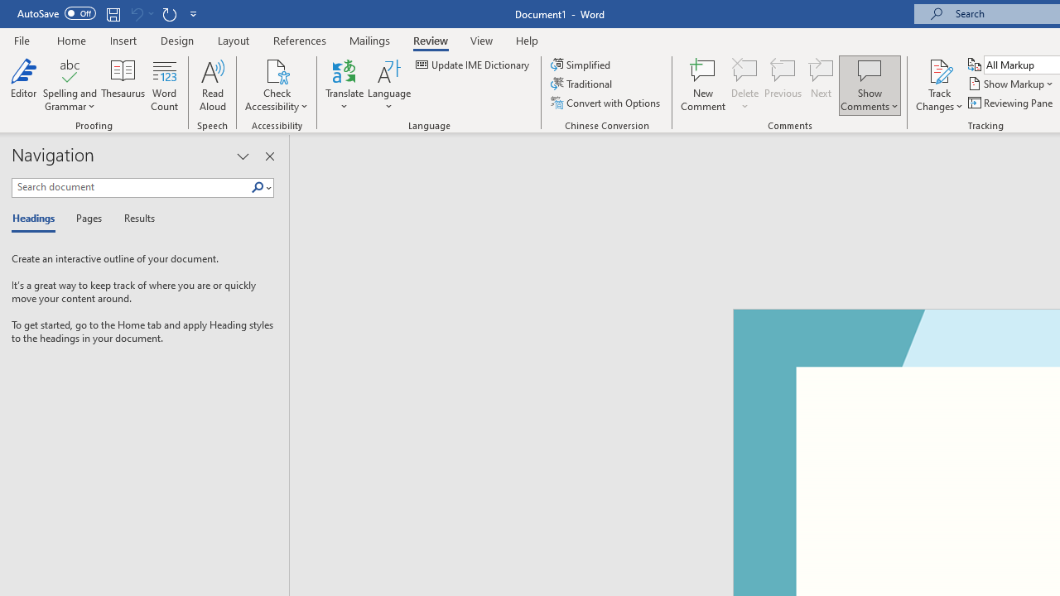 Image resolution: width=1060 pixels, height=596 pixels. What do you see at coordinates (581, 64) in the screenshot?
I see `'Simplified'` at bounding box center [581, 64].